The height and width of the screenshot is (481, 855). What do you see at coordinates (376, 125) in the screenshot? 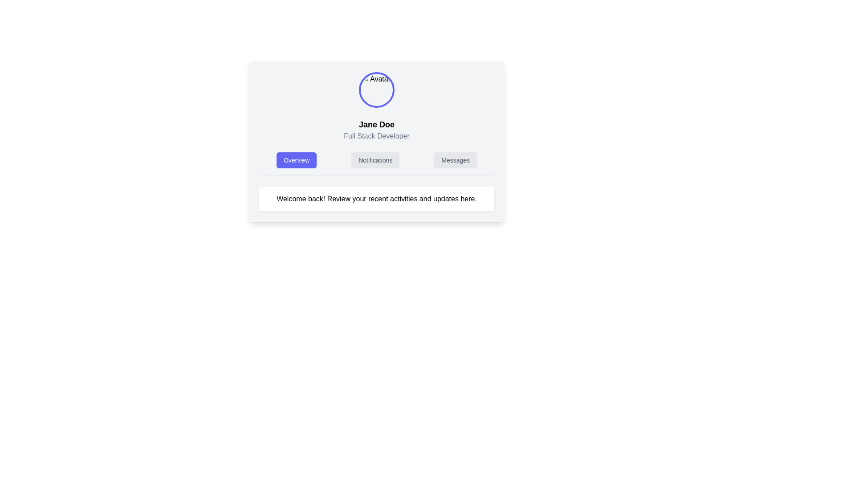
I see `the text label displaying the person's name in the user profile section, which is positioned below the circular avatar image and above the 'Full Stack Developer' text label` at bounding box center [376, 125].